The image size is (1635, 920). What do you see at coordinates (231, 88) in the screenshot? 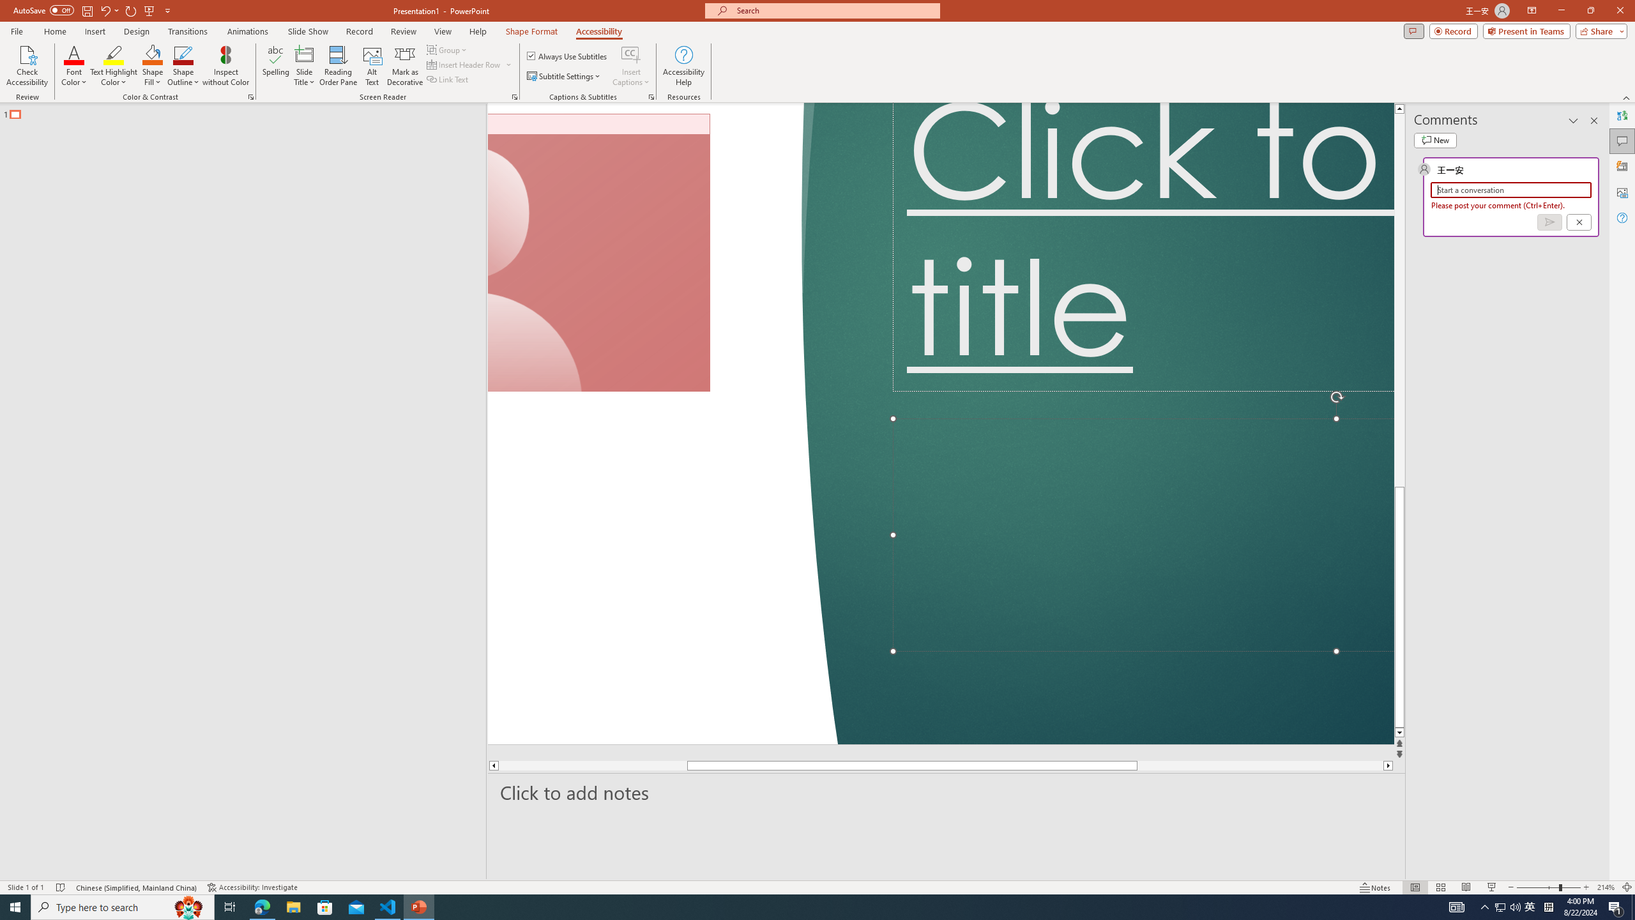
I see `'Font Size'` at bounding box center [231, 88].